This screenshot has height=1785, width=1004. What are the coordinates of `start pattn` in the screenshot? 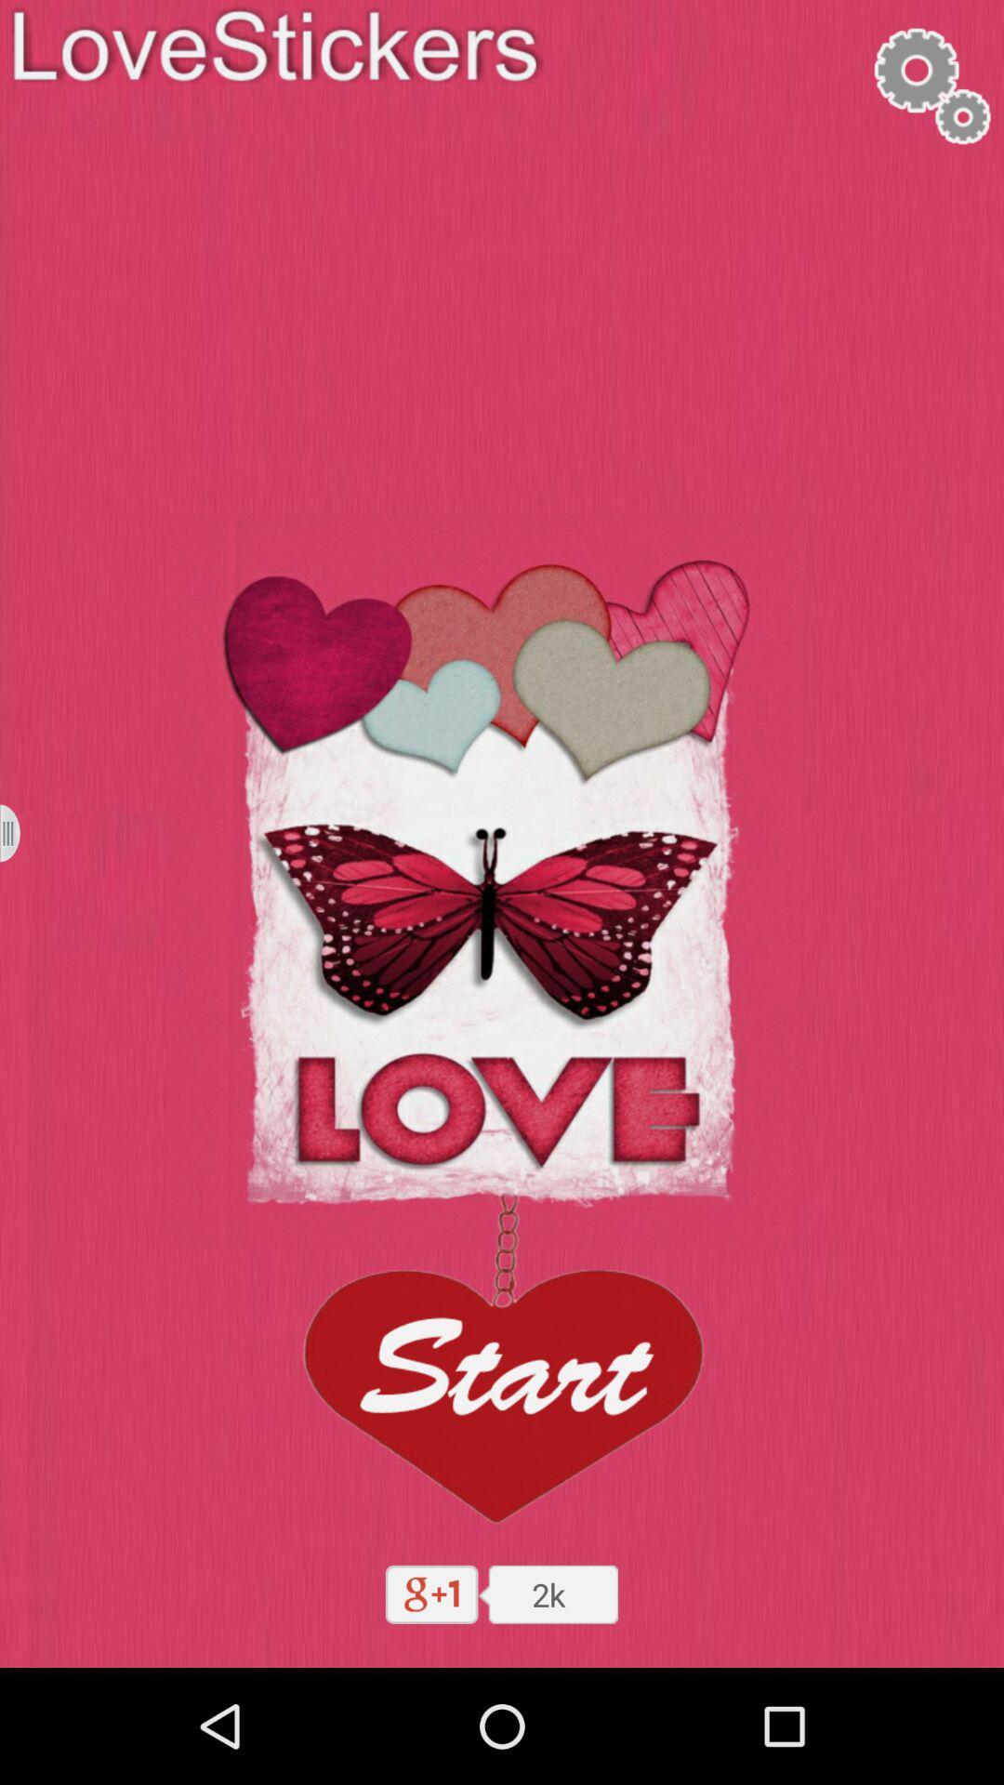 It's located at (500, 1366).